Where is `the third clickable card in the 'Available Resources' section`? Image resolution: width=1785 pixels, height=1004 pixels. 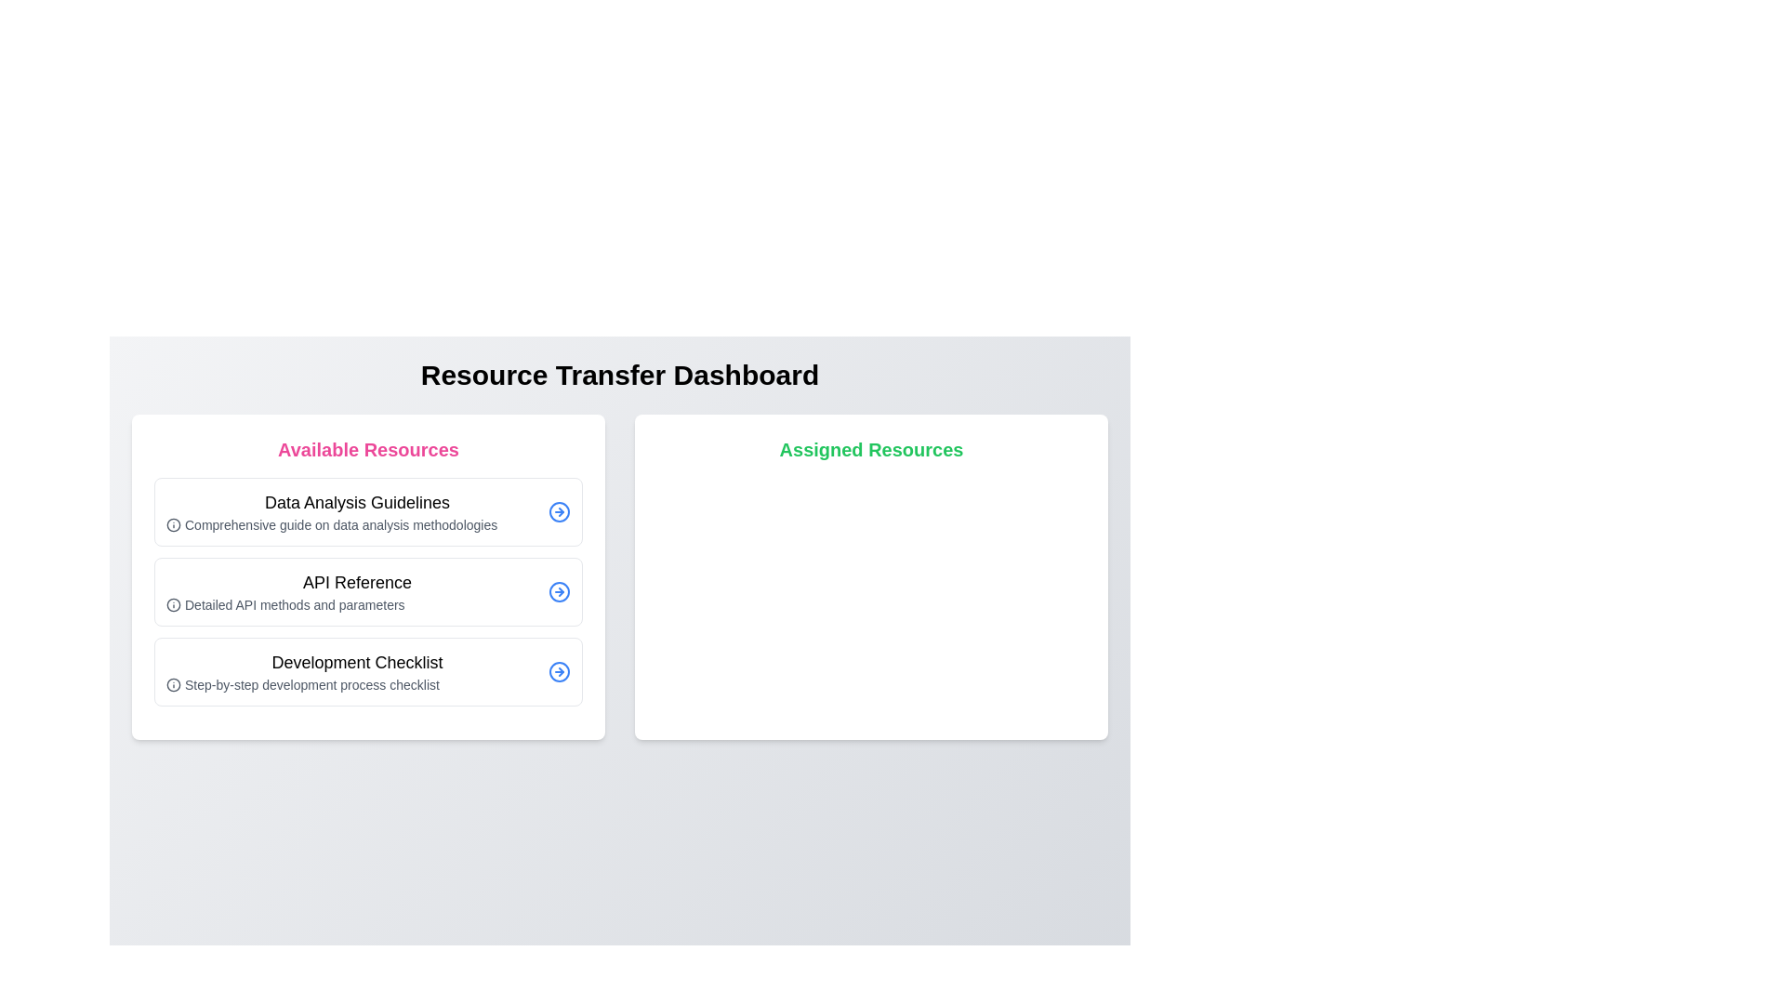 the third clickable card in the 'Available Resources' section is located at coordinates (368, 671).